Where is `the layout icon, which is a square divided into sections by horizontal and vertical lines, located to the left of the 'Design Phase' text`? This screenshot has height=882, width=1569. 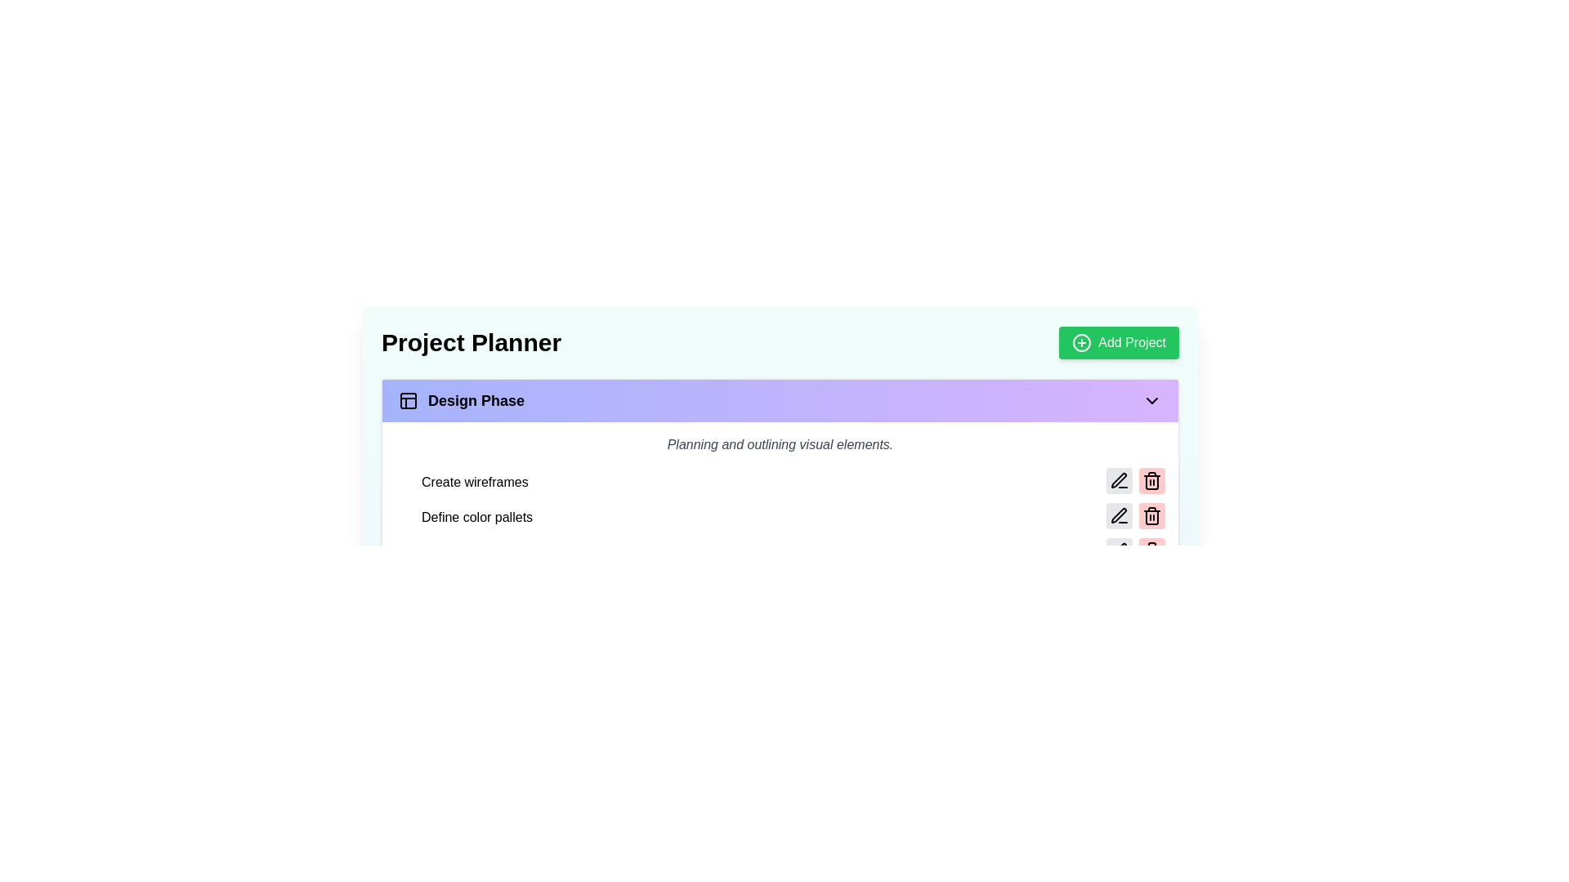 the layout icon, which is a square divided into sections by horizontal and vertical lines, located to the left of the 'Design Phase' text is located at coordinates (408, 400).